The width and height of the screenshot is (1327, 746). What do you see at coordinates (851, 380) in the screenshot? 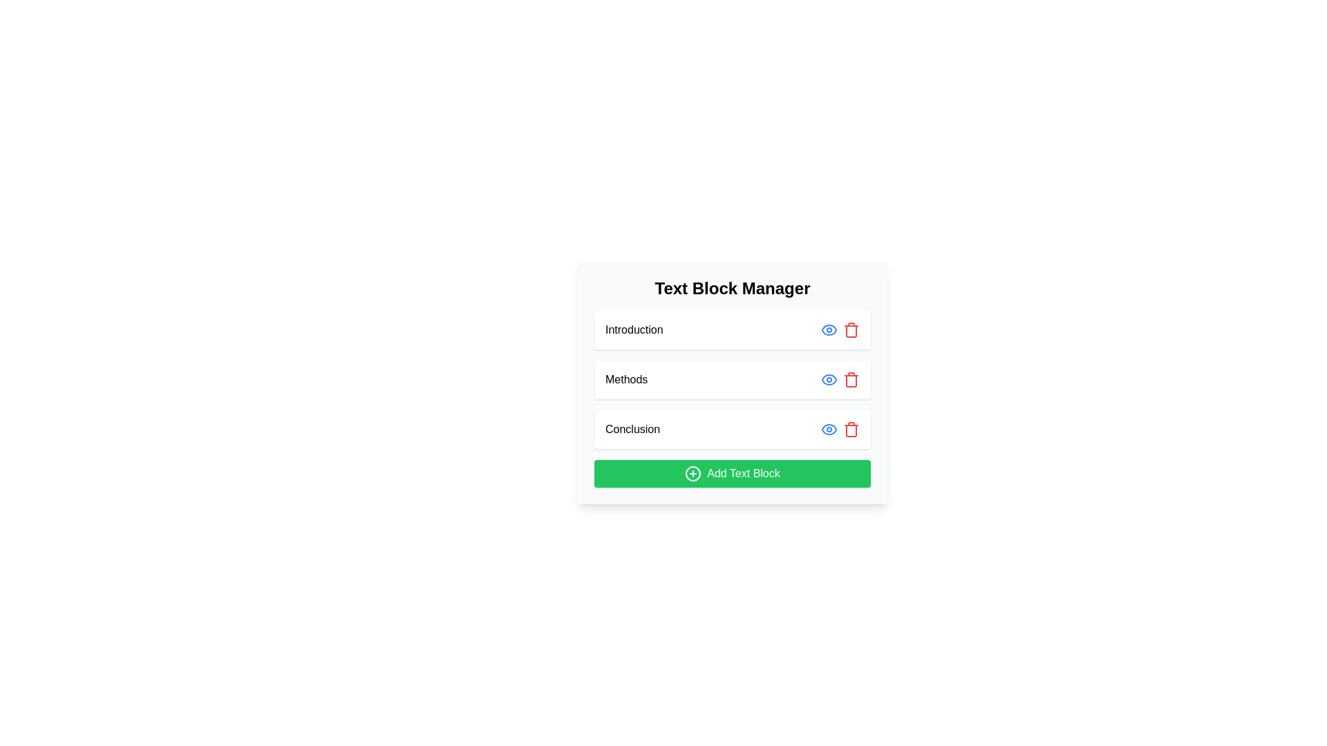
I see `the delete button for the text block titled 'Methods'` at bounding box center [851, 380].